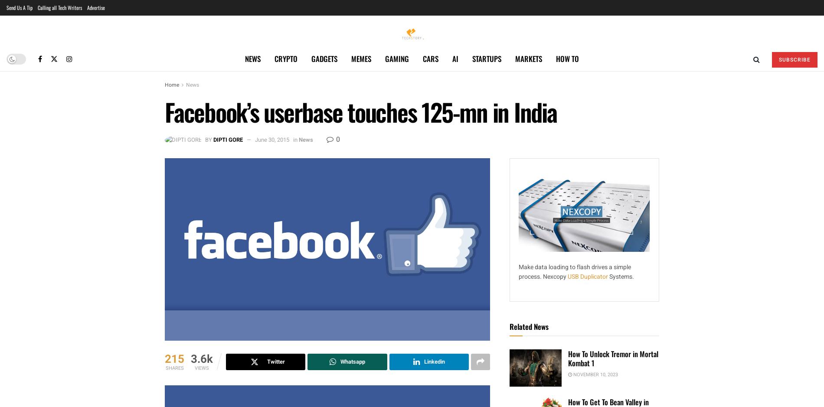 Image resolution: width=824 pixels, height=407 pixels. I want to click on 'Whatsapp', so click(352, 361).